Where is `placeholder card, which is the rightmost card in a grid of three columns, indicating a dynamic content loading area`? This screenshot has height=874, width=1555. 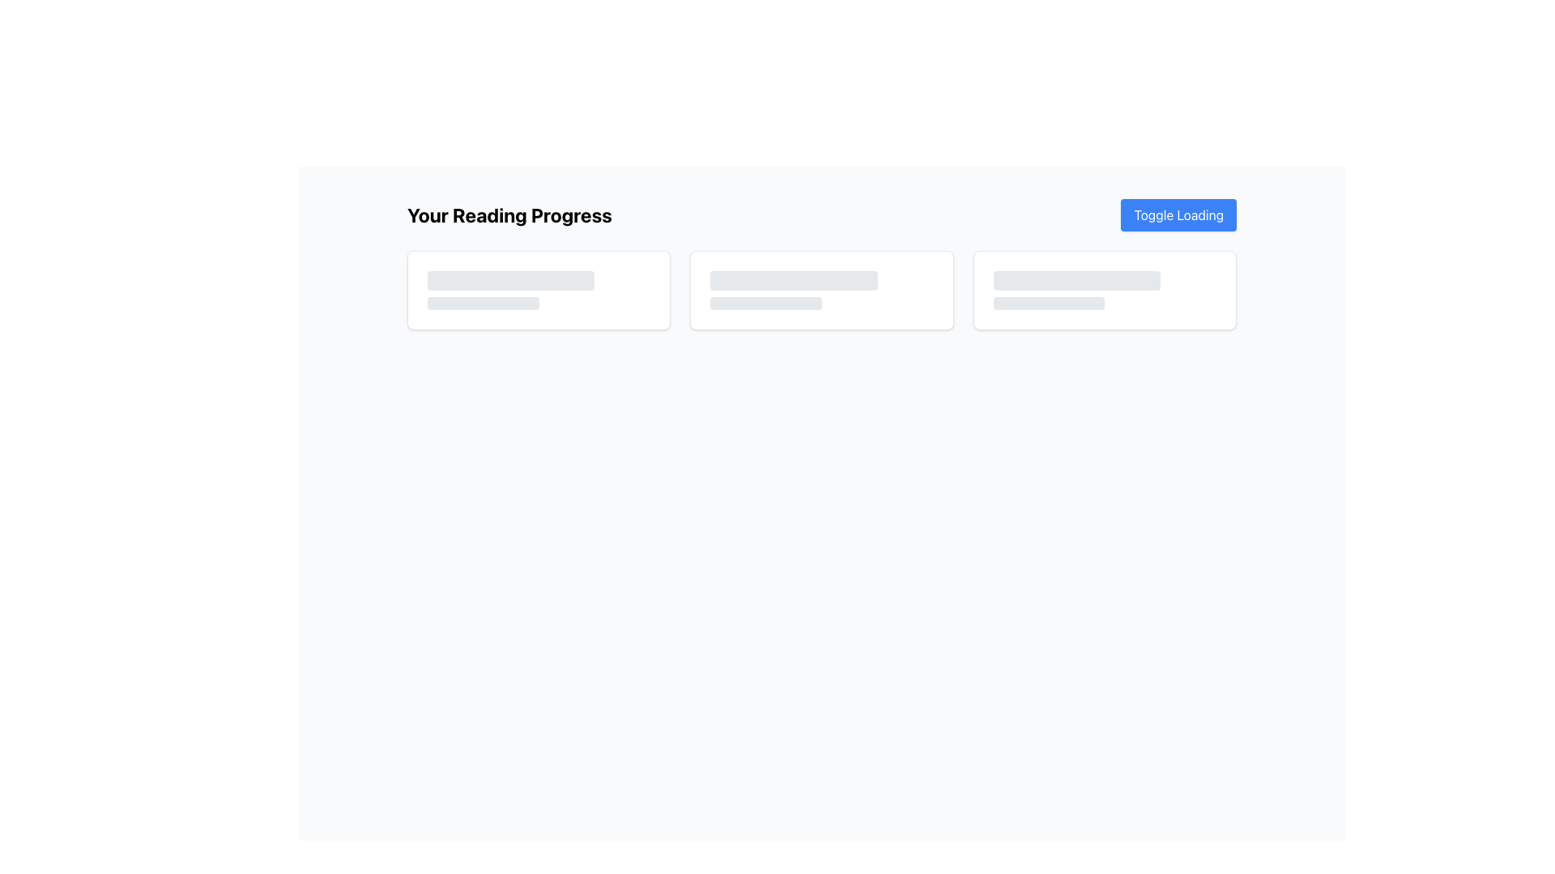 placeholder card, which is the rightmost card in a grid of three columns, indicating a dynamic content loading area is located at coordinates (1104, 289).